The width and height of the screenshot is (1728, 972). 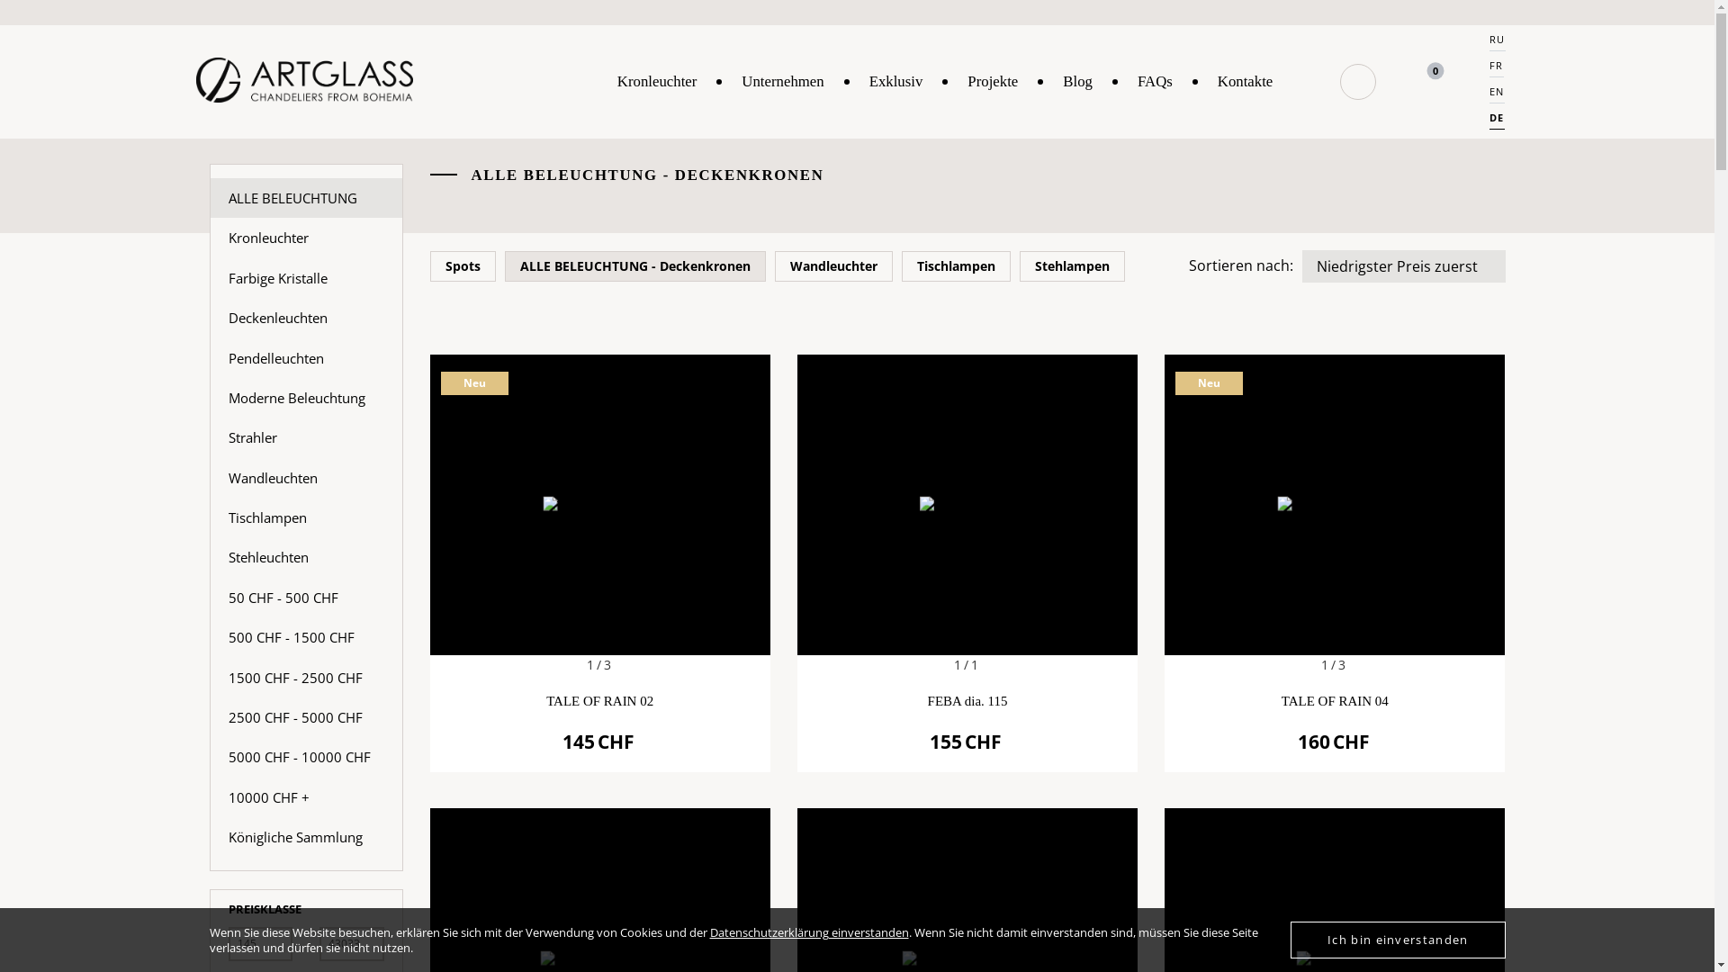 I want to click on 'Pendelleuchten', so click(x=306, y=357).